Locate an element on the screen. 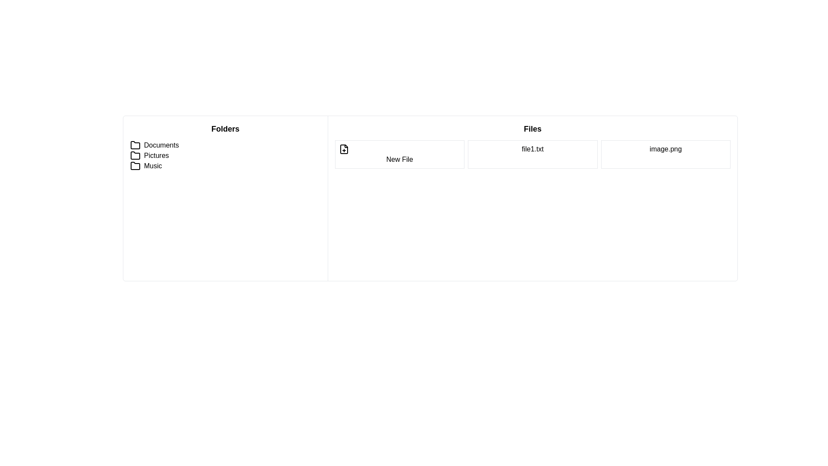 The width and height of the screenshot is (828, 466). the 'Pictures' folder icon, which is the second entry in the vertical list of folders titled 'Folders' is located at coordinates (135, 154).